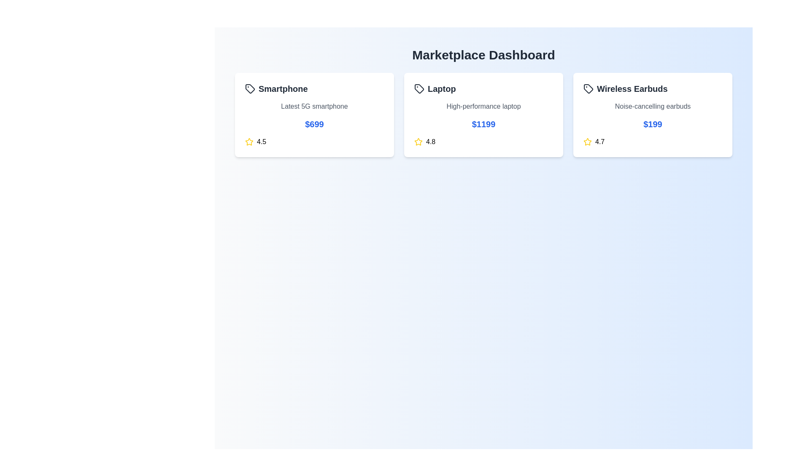 This screenshot has height=455, width=810. I want to click on price information displayed in the bold, blue-colored text '$199' within the third product card for 'Wireless Earbuds', so click(652, 124).